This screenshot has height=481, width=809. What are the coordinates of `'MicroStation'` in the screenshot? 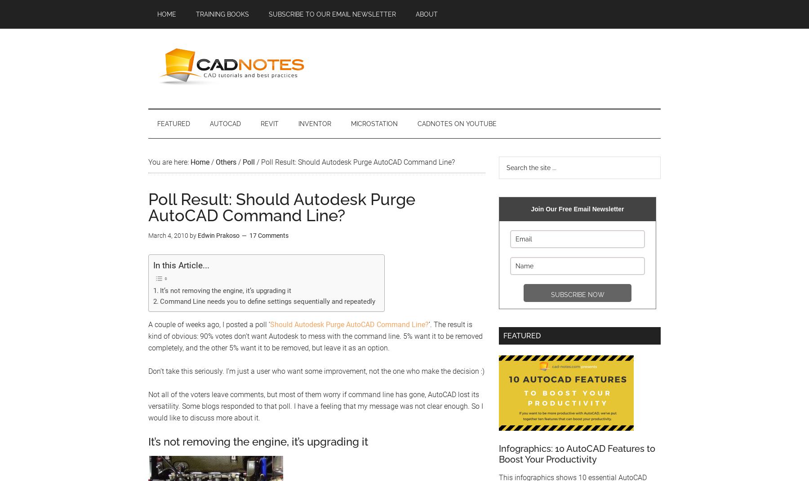 It's located at (374, 123).